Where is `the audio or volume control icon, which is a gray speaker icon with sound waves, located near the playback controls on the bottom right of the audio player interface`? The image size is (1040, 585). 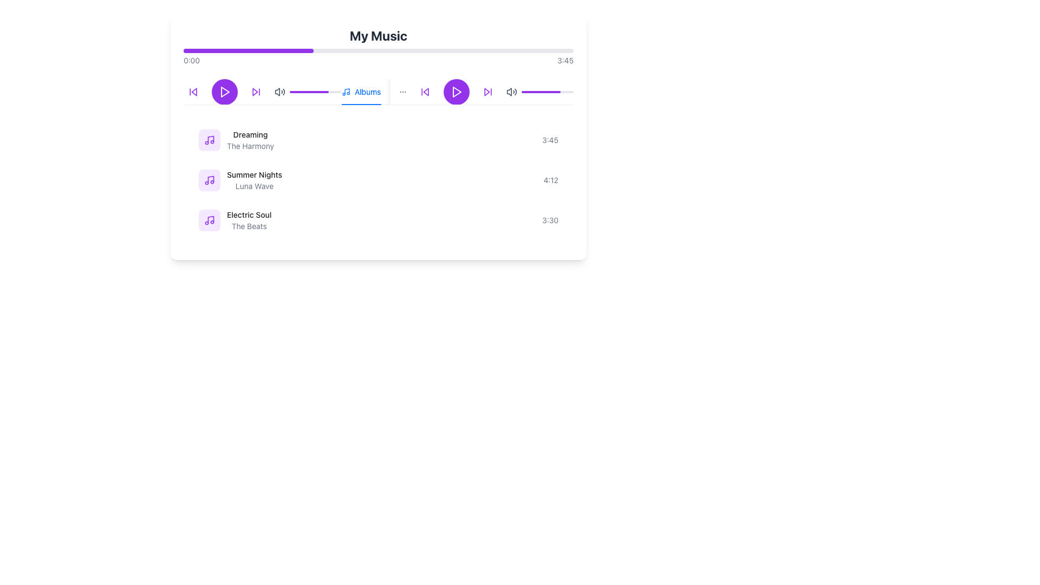 the audio or volume control icon, which is a gray speaker icon with sound waves, located near the playback controls on the bottom right of the audio player interface is located at coordinates (509, 91).